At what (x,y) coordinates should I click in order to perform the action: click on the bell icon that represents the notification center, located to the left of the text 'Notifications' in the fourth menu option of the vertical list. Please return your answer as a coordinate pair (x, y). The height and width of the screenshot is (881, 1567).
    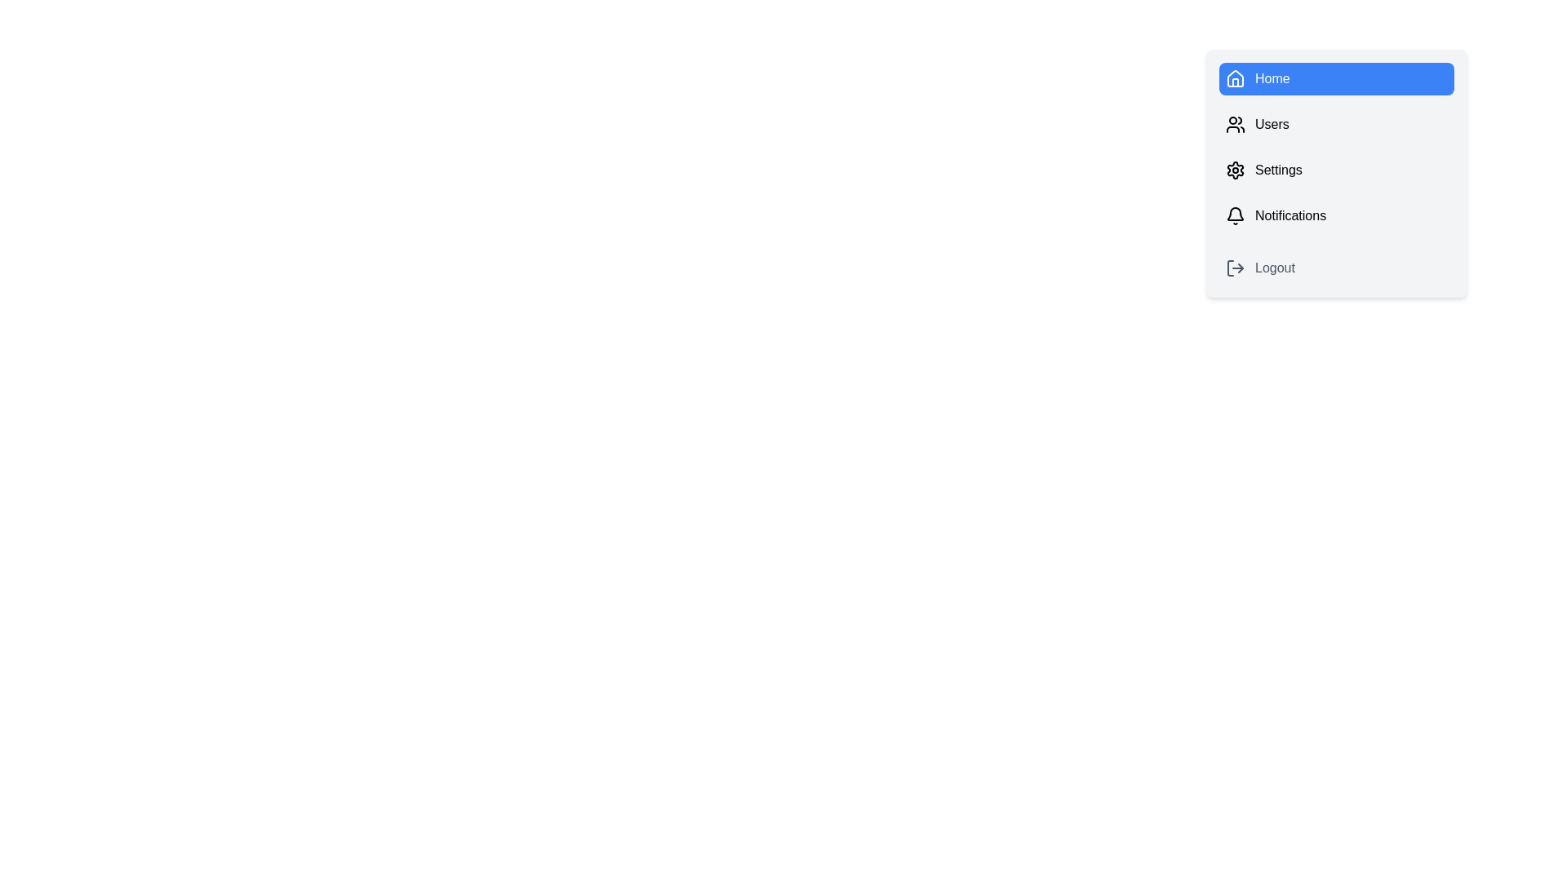
    Looking at the image, I should click on (1235, 215).